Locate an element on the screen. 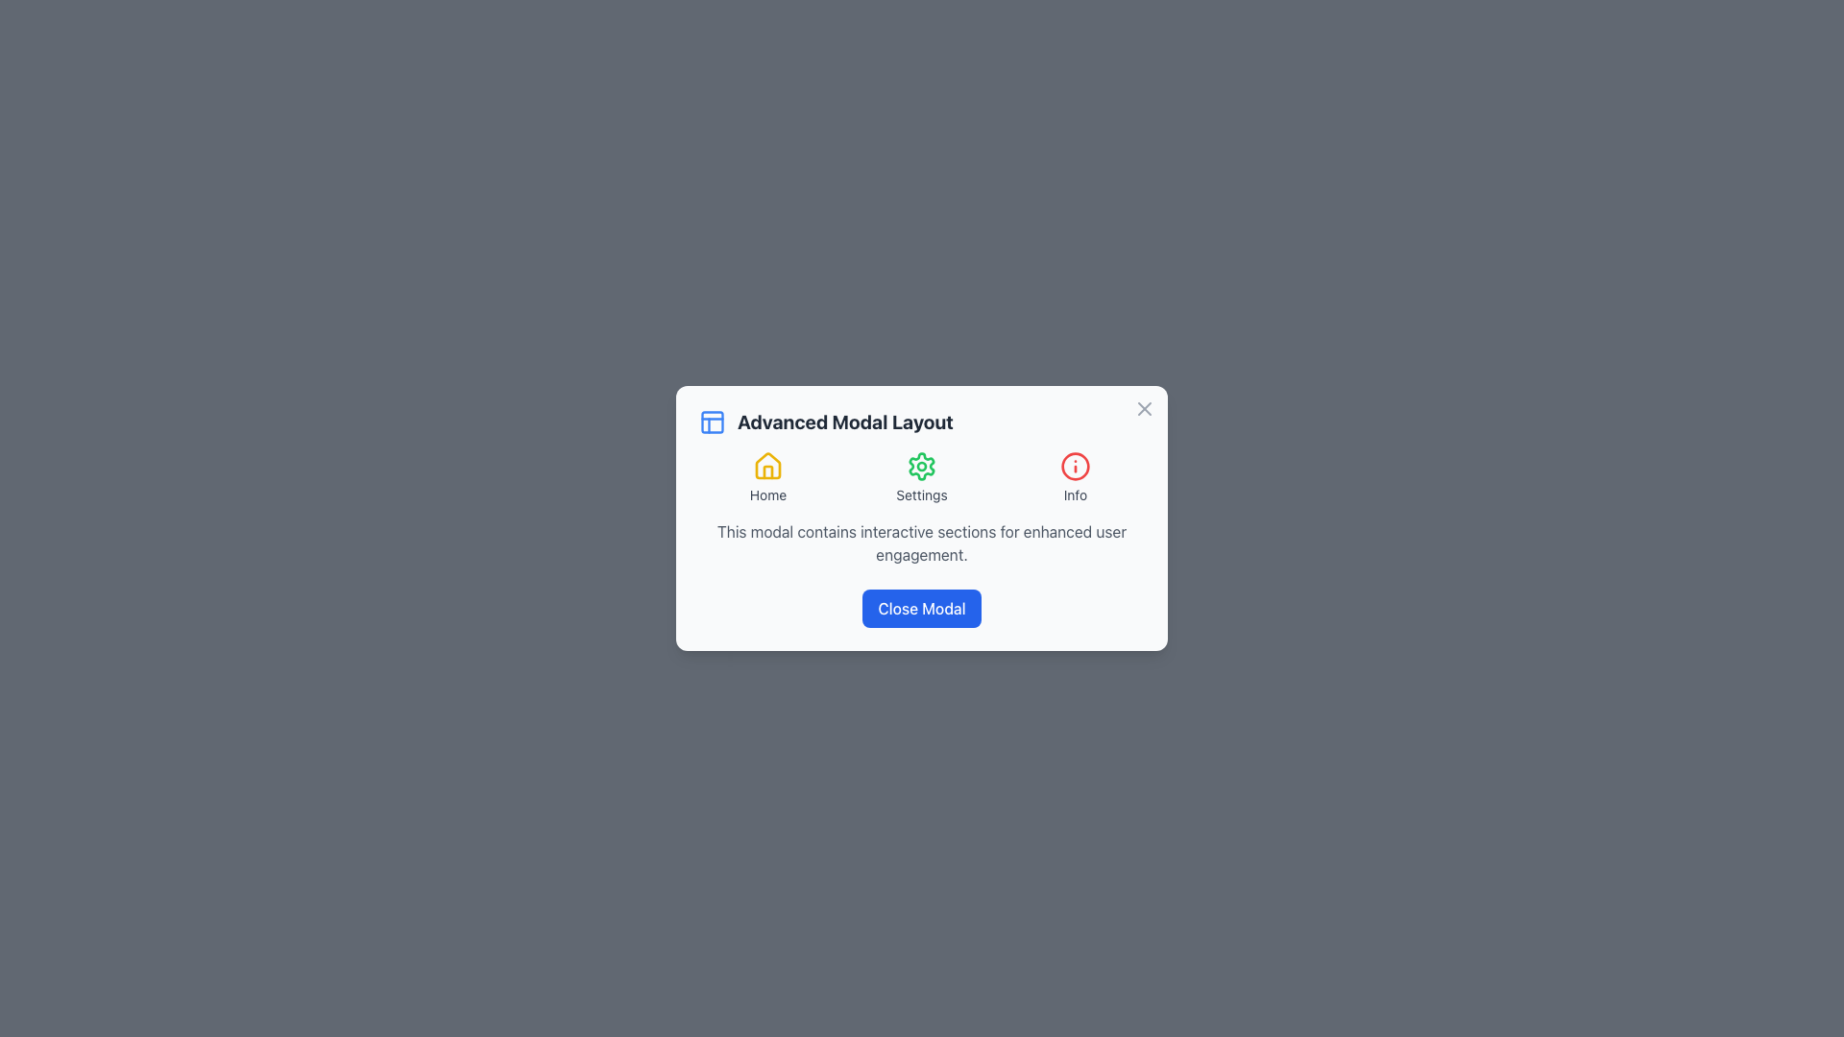 The height and width of the screenshot is (1037, 1844). the 'Home', 'Settings', or 'Info' sections of the modal window titled 'Advanced Modal Layout', which is visually centered and highlighted against a darker background is located at coordinates (922, 518).